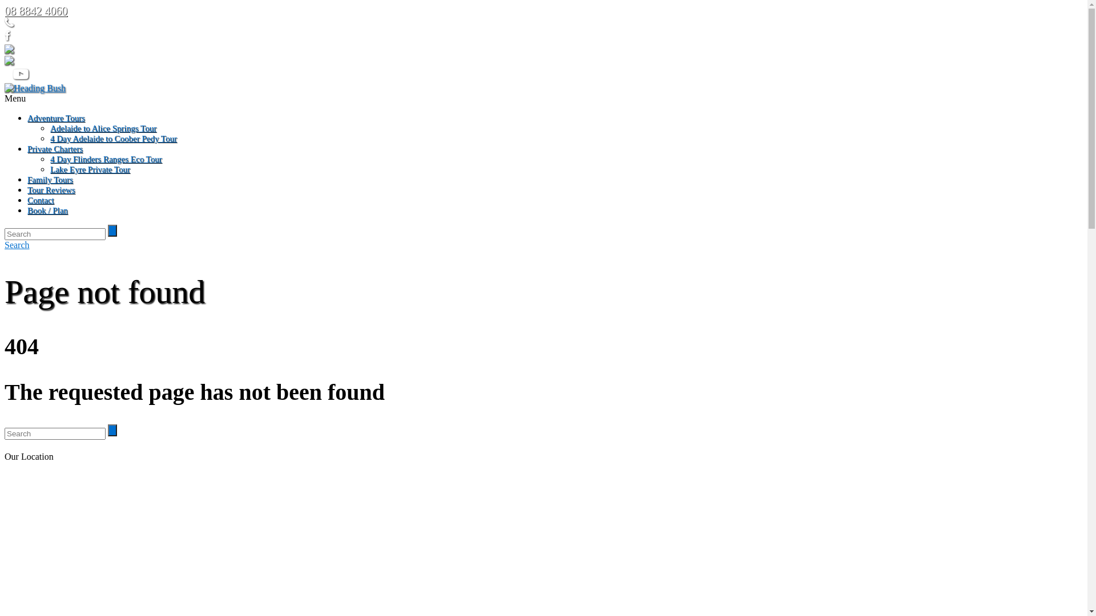  What do you see at coordinates (113, 138) in the screenshot?
I see `'4 Day Adelaide to Coober Pedy Tour'` at bounding box center [113, 138].